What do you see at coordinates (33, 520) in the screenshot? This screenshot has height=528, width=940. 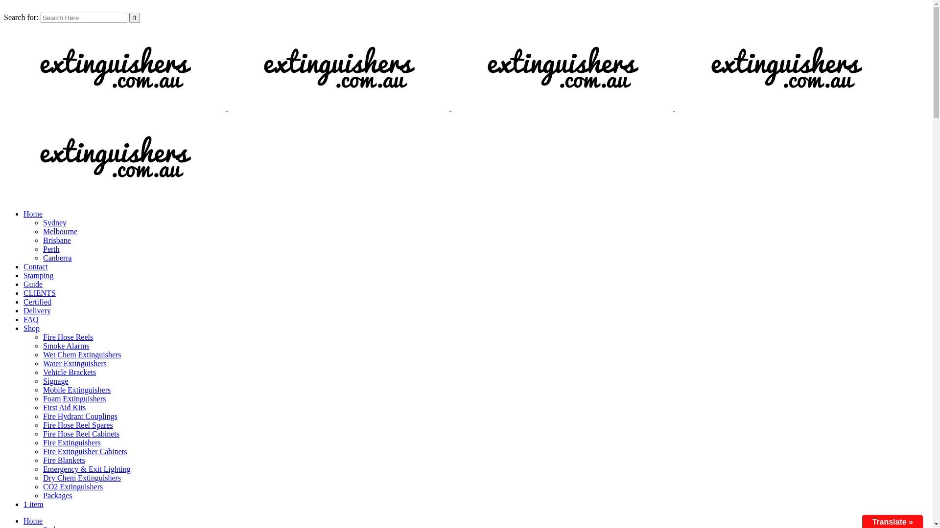 I see `'Home'` at bounding box center [33, 520].